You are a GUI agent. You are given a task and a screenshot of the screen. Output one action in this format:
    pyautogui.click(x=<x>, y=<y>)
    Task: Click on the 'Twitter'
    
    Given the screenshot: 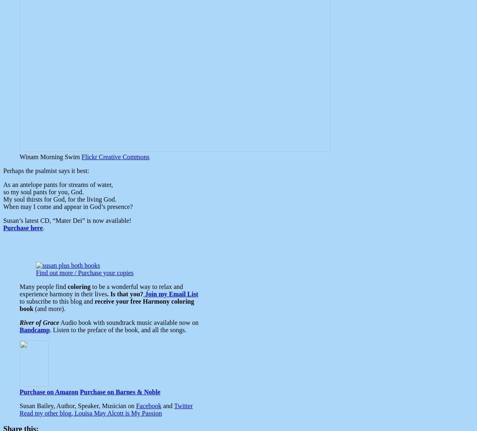 What is the action you would take?
    pyautogui.click(x=183, y=405)
    